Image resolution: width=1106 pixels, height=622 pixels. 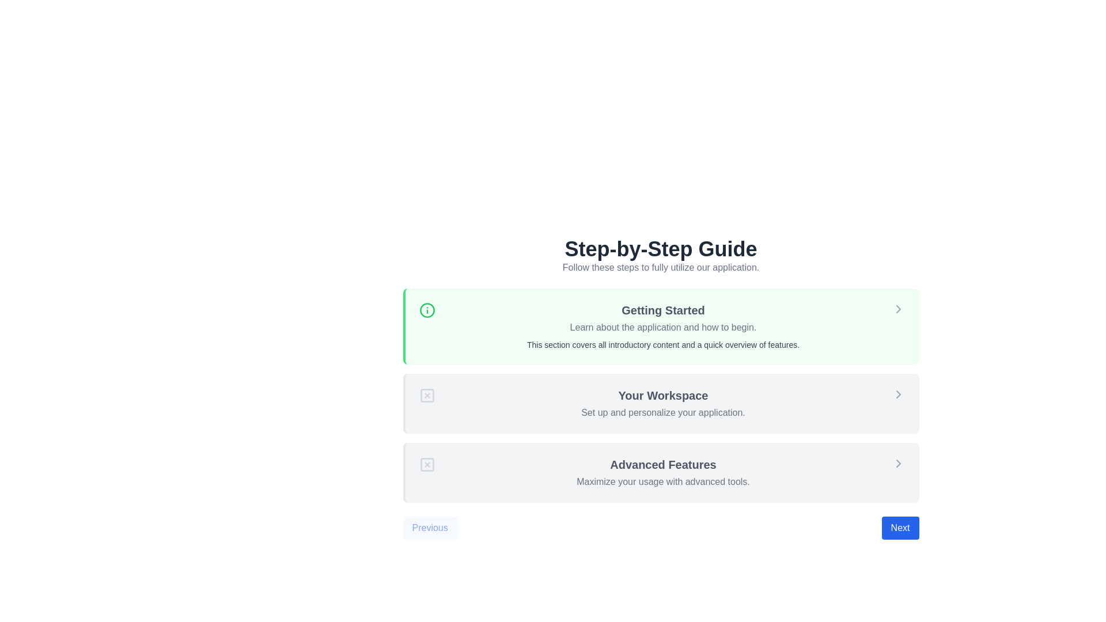 What do you see at coordinates (897, 394) in the screenshot?
I see `the right-pointing chevron icon styled in light gray, located at the far right of the 'Your Workspace' section in the step-by-step guide, to possibly show visual feedback` at bounding box center [897, 394].